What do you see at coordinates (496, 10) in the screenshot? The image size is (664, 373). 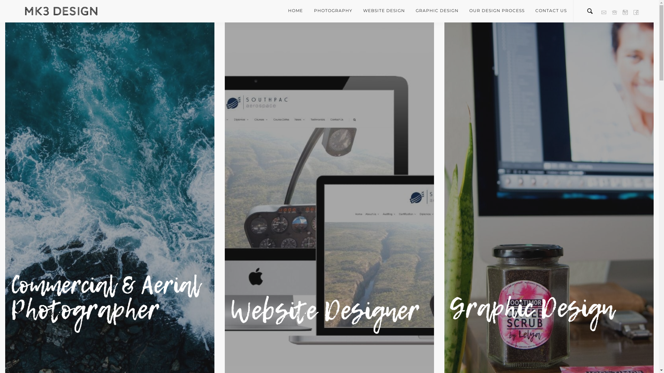 I see `'OUR DESIGN PROCESS'` at bounding box center [496, 10].